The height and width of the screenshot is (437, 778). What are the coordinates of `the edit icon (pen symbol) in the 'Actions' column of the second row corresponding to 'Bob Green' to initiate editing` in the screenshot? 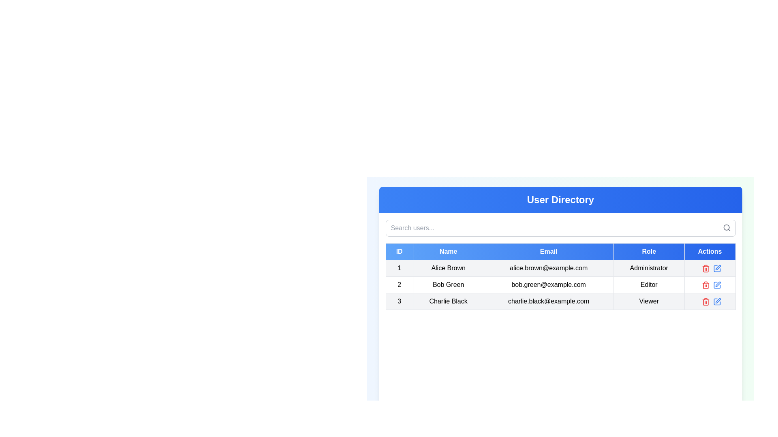 It's located at (718, 284).